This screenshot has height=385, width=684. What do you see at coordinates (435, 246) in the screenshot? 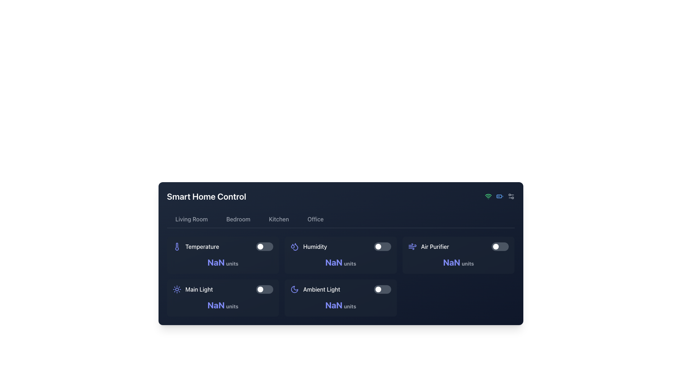
I see `the Text label identifying the air purifier control in the 'Office' tab of the 'Smart Home Control' panel, located in the rightmost section of the second row` at bounding box center [435, 246].